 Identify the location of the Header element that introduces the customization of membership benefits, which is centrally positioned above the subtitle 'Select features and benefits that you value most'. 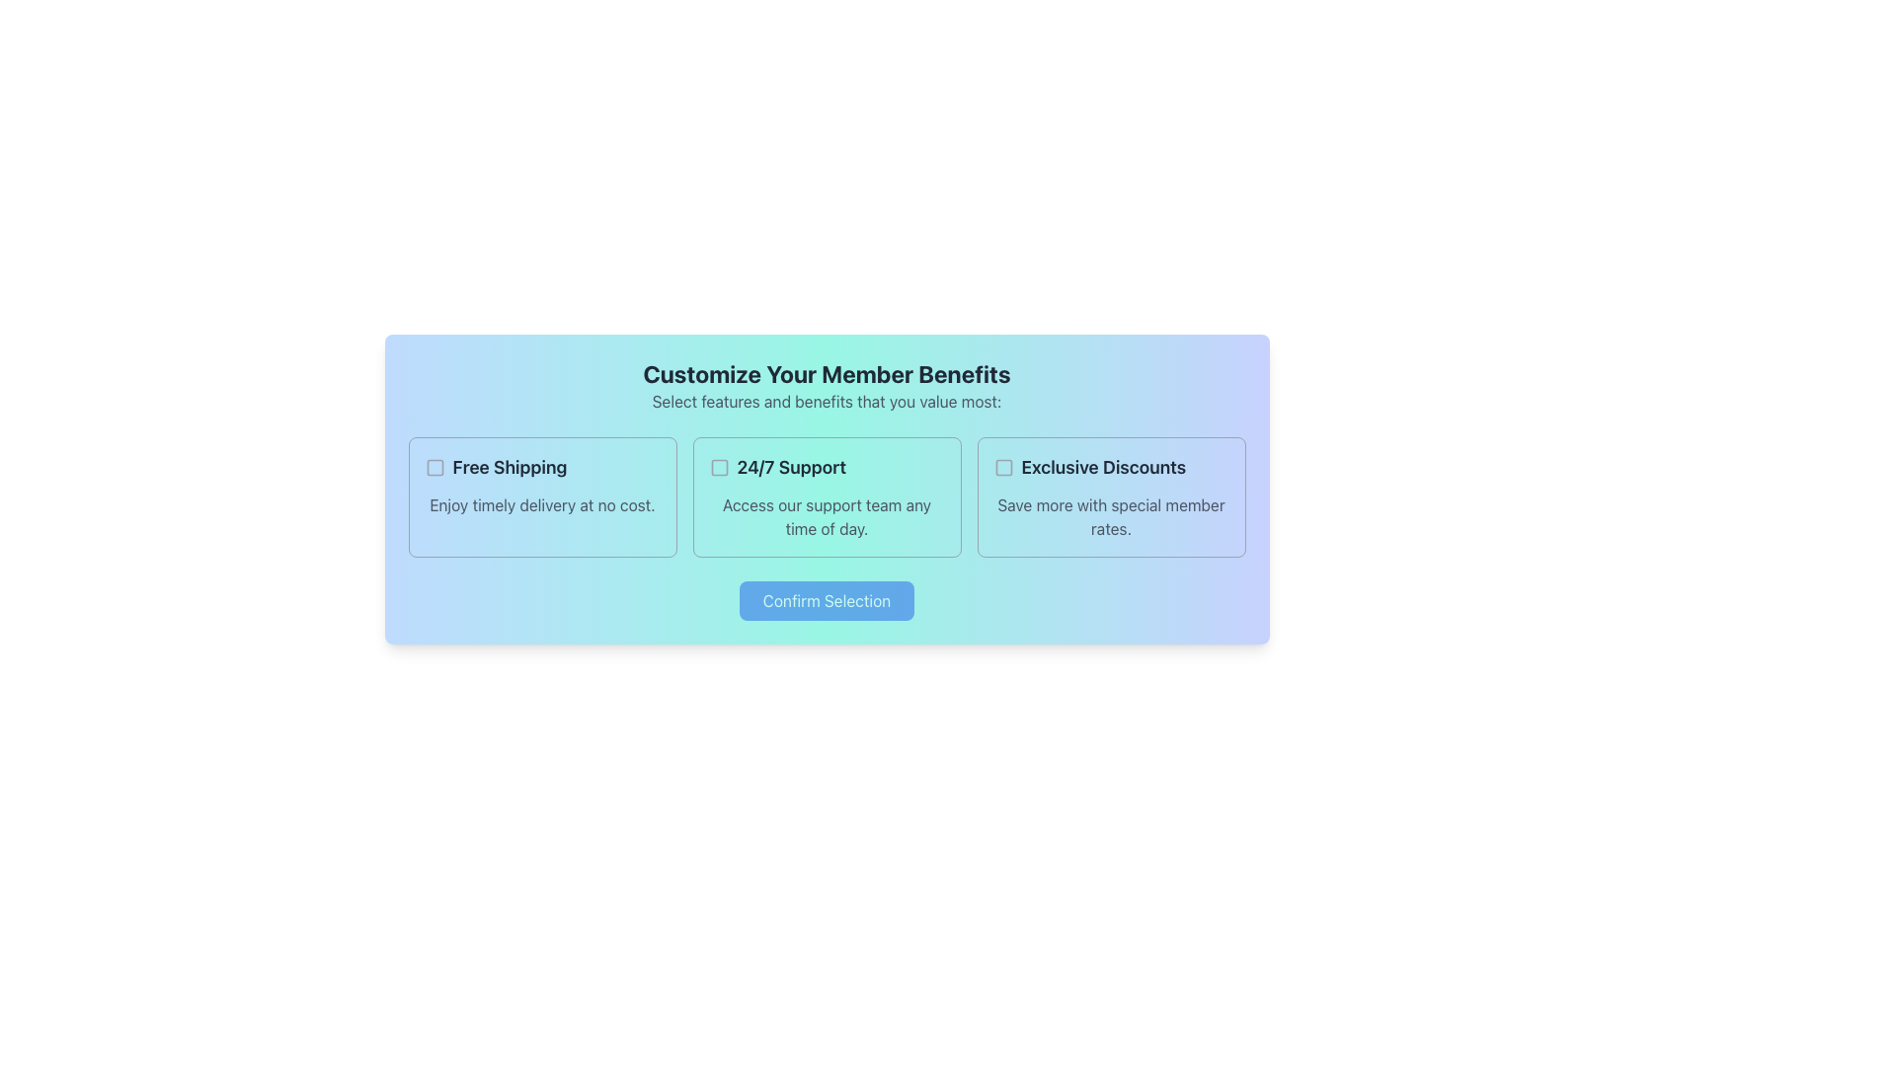
(827, 373).